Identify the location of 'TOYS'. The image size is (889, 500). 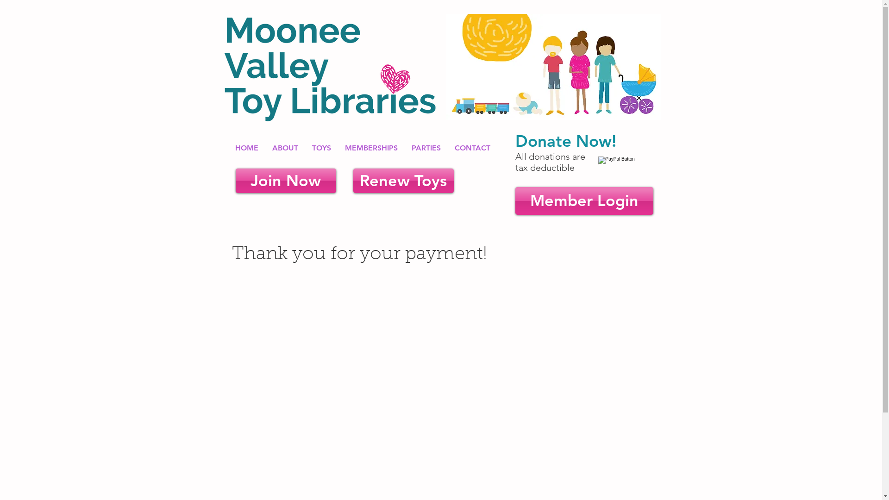
(321, 147).